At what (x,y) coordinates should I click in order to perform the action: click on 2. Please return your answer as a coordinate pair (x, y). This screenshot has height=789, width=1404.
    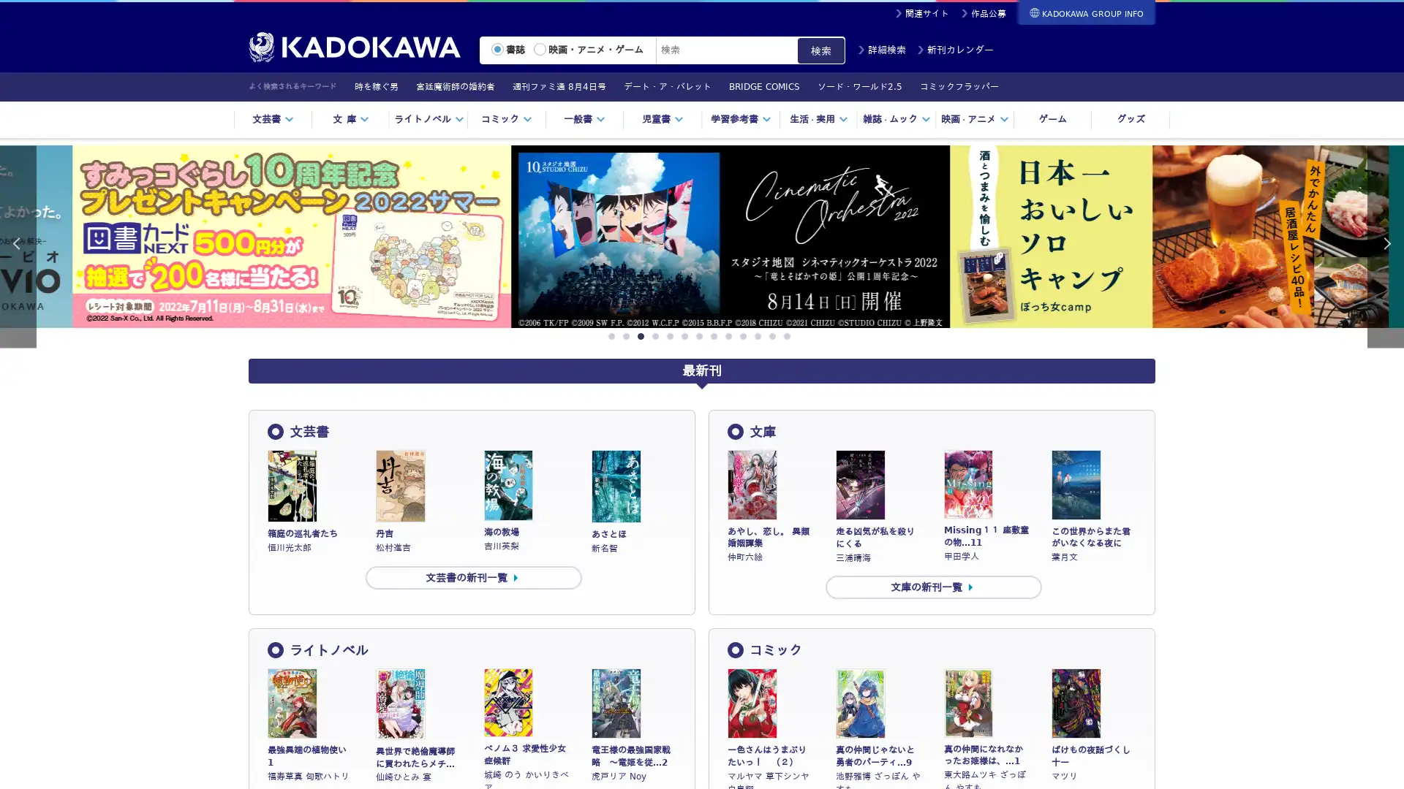
    Looking at the image, I should click on (628, 337).